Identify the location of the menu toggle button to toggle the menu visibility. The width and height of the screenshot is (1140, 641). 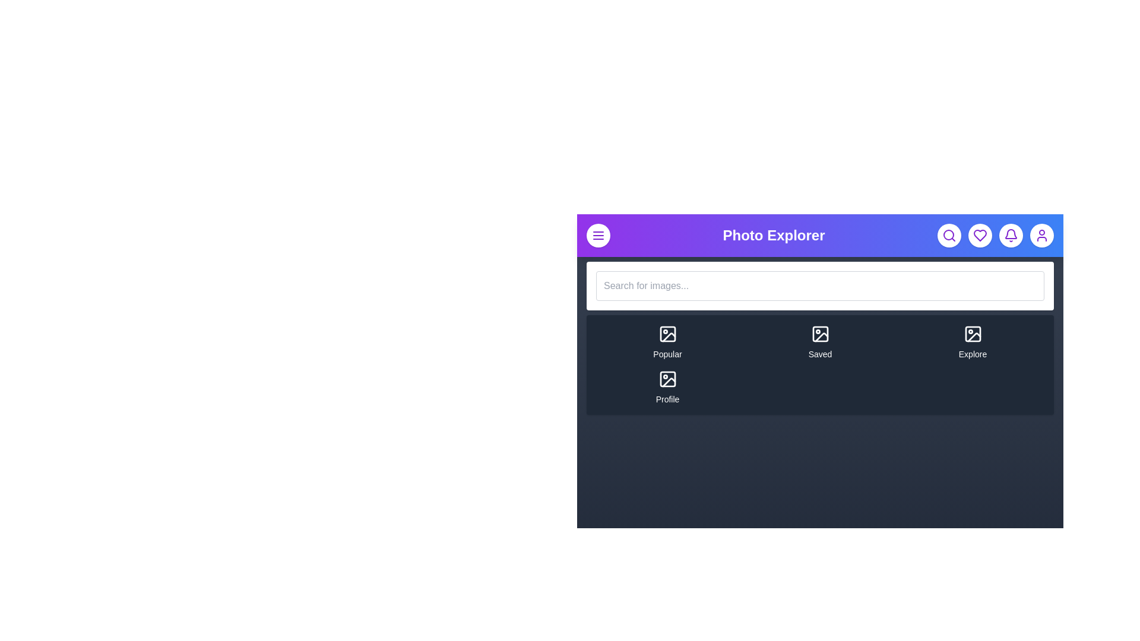
(598, 236).